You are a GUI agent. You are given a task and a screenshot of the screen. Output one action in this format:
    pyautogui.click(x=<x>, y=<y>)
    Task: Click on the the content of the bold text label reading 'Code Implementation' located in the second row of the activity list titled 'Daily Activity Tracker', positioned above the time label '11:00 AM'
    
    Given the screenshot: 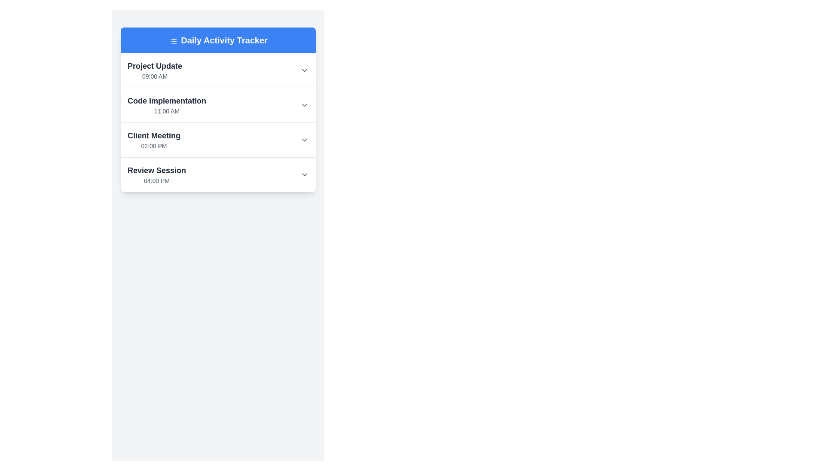 What is the action you would take?
    pyautogui.click(x=167, y=101)
    